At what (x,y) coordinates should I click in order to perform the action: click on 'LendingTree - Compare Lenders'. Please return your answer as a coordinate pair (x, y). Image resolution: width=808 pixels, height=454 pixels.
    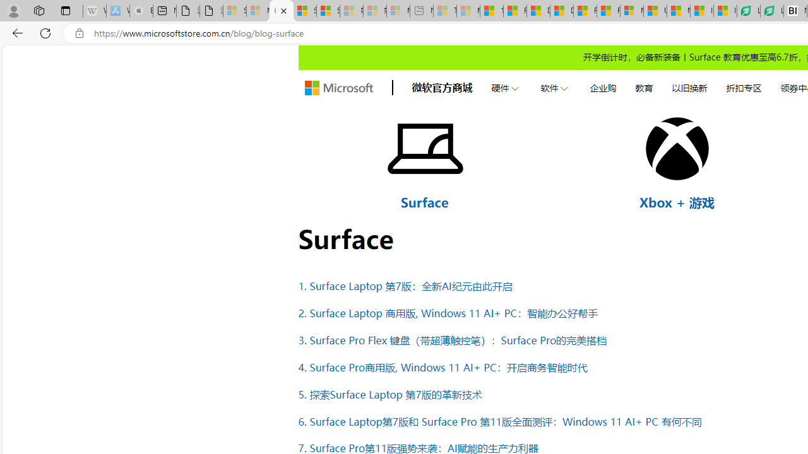
    Looking at the image, I should click on (771, 11).